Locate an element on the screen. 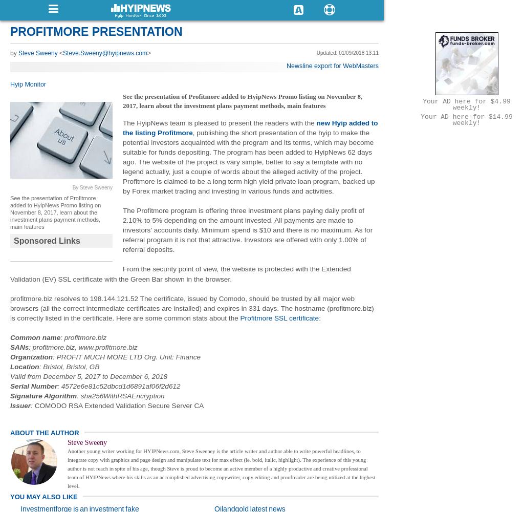  'profitmore.biz resolves to 198.144.121.52 The certificate, issued by Comodo, should be trusted by all major web browsers (all the correct intermediate certificates are installed) and expires in 331 days. The hostname (profitmore.biz) is correctly listed in the certificate. Here are some common stats about the' is located at coordinates (191, 307).